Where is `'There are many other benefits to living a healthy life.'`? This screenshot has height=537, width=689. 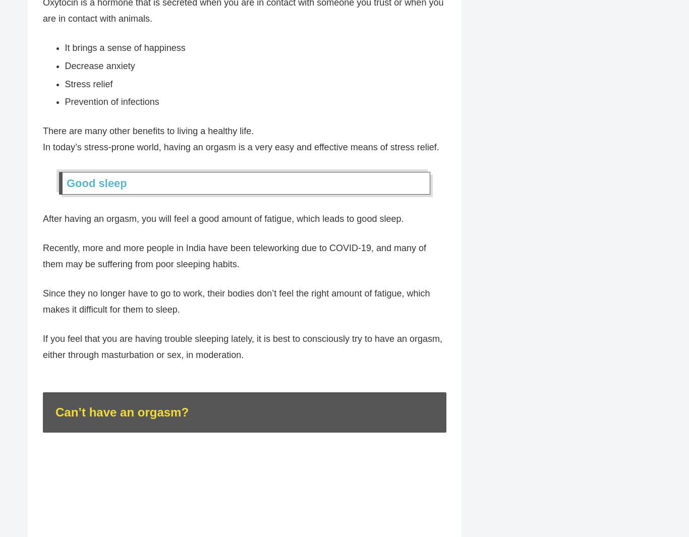 'There are many other benefits to living a healthy life.' is located at coordinates (148, 131).